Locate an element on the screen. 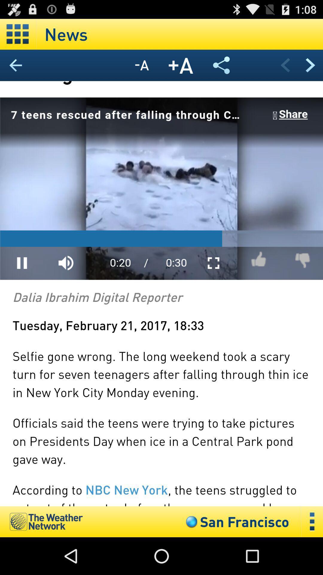  the arrow mark icon shown at the top right corner is located at coordinates (310, 65).